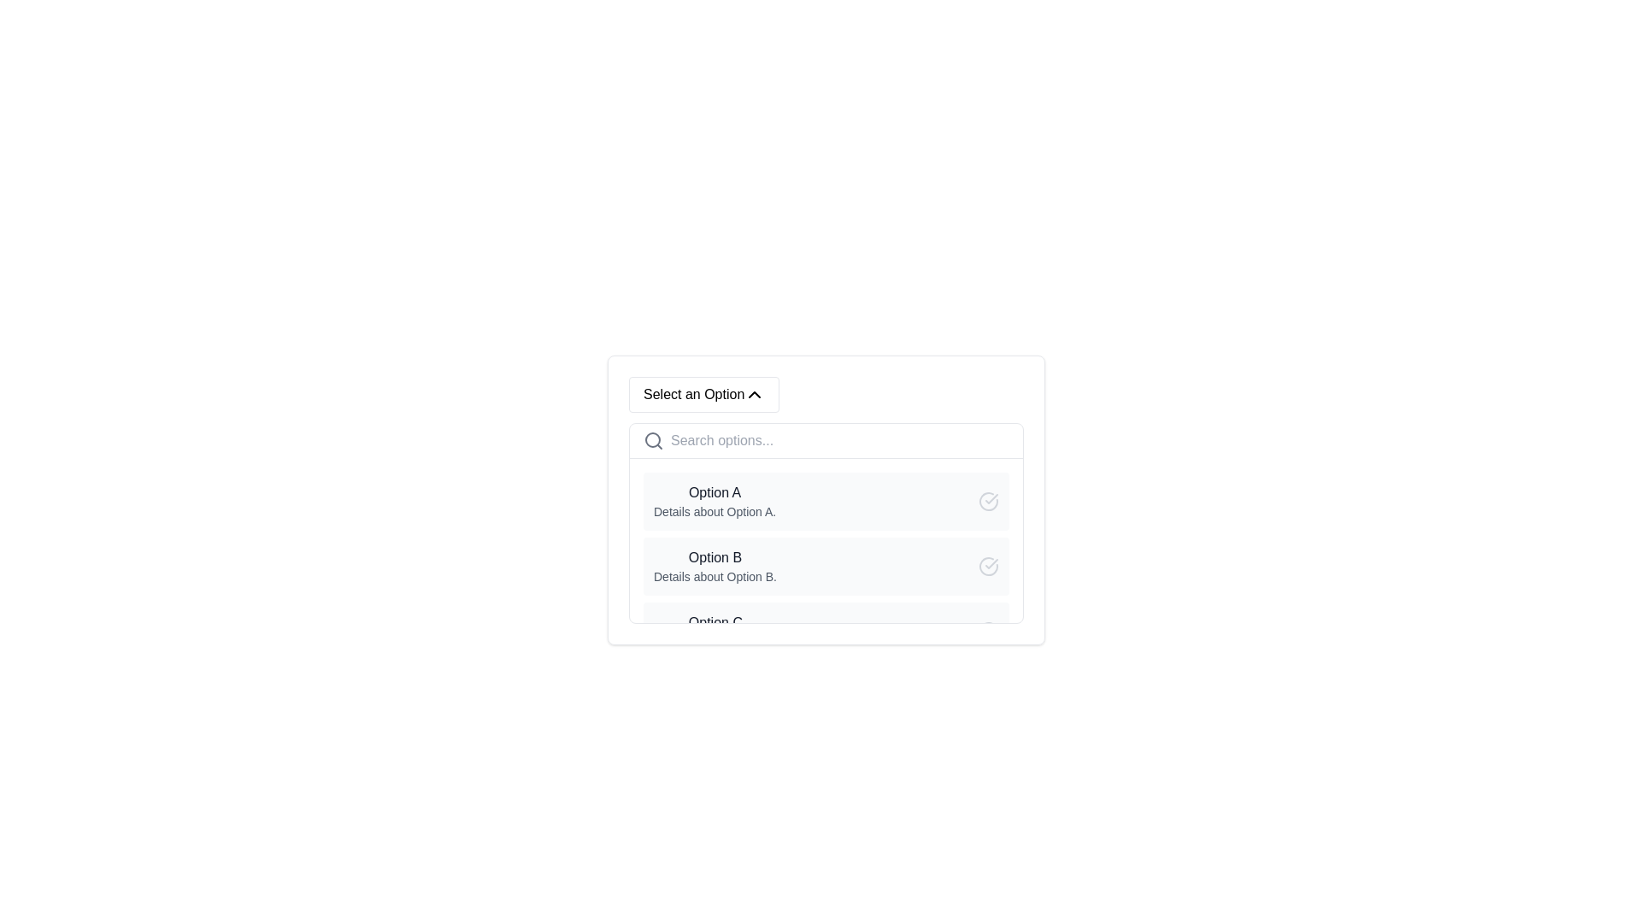  Describe the element at coordinates (988, 567) in the screenshot. I see `the circular icon with a check mark inside, styled with light gray color, located to the right of the row labeled 'Option B'` at that location.